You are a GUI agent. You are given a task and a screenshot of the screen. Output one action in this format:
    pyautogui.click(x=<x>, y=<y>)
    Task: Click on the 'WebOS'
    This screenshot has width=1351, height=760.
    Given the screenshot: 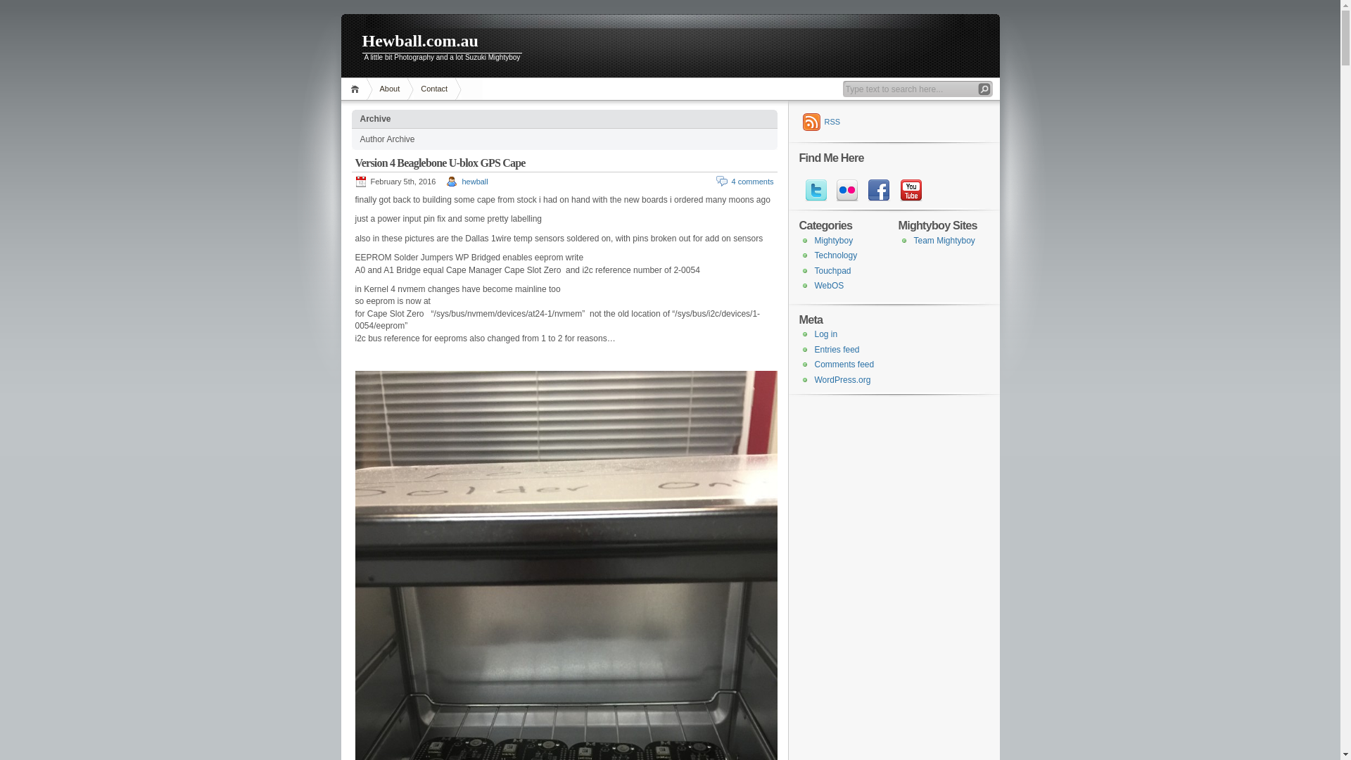 What is the action you would take?
    pyautogui.click(x=830, y=285)
    